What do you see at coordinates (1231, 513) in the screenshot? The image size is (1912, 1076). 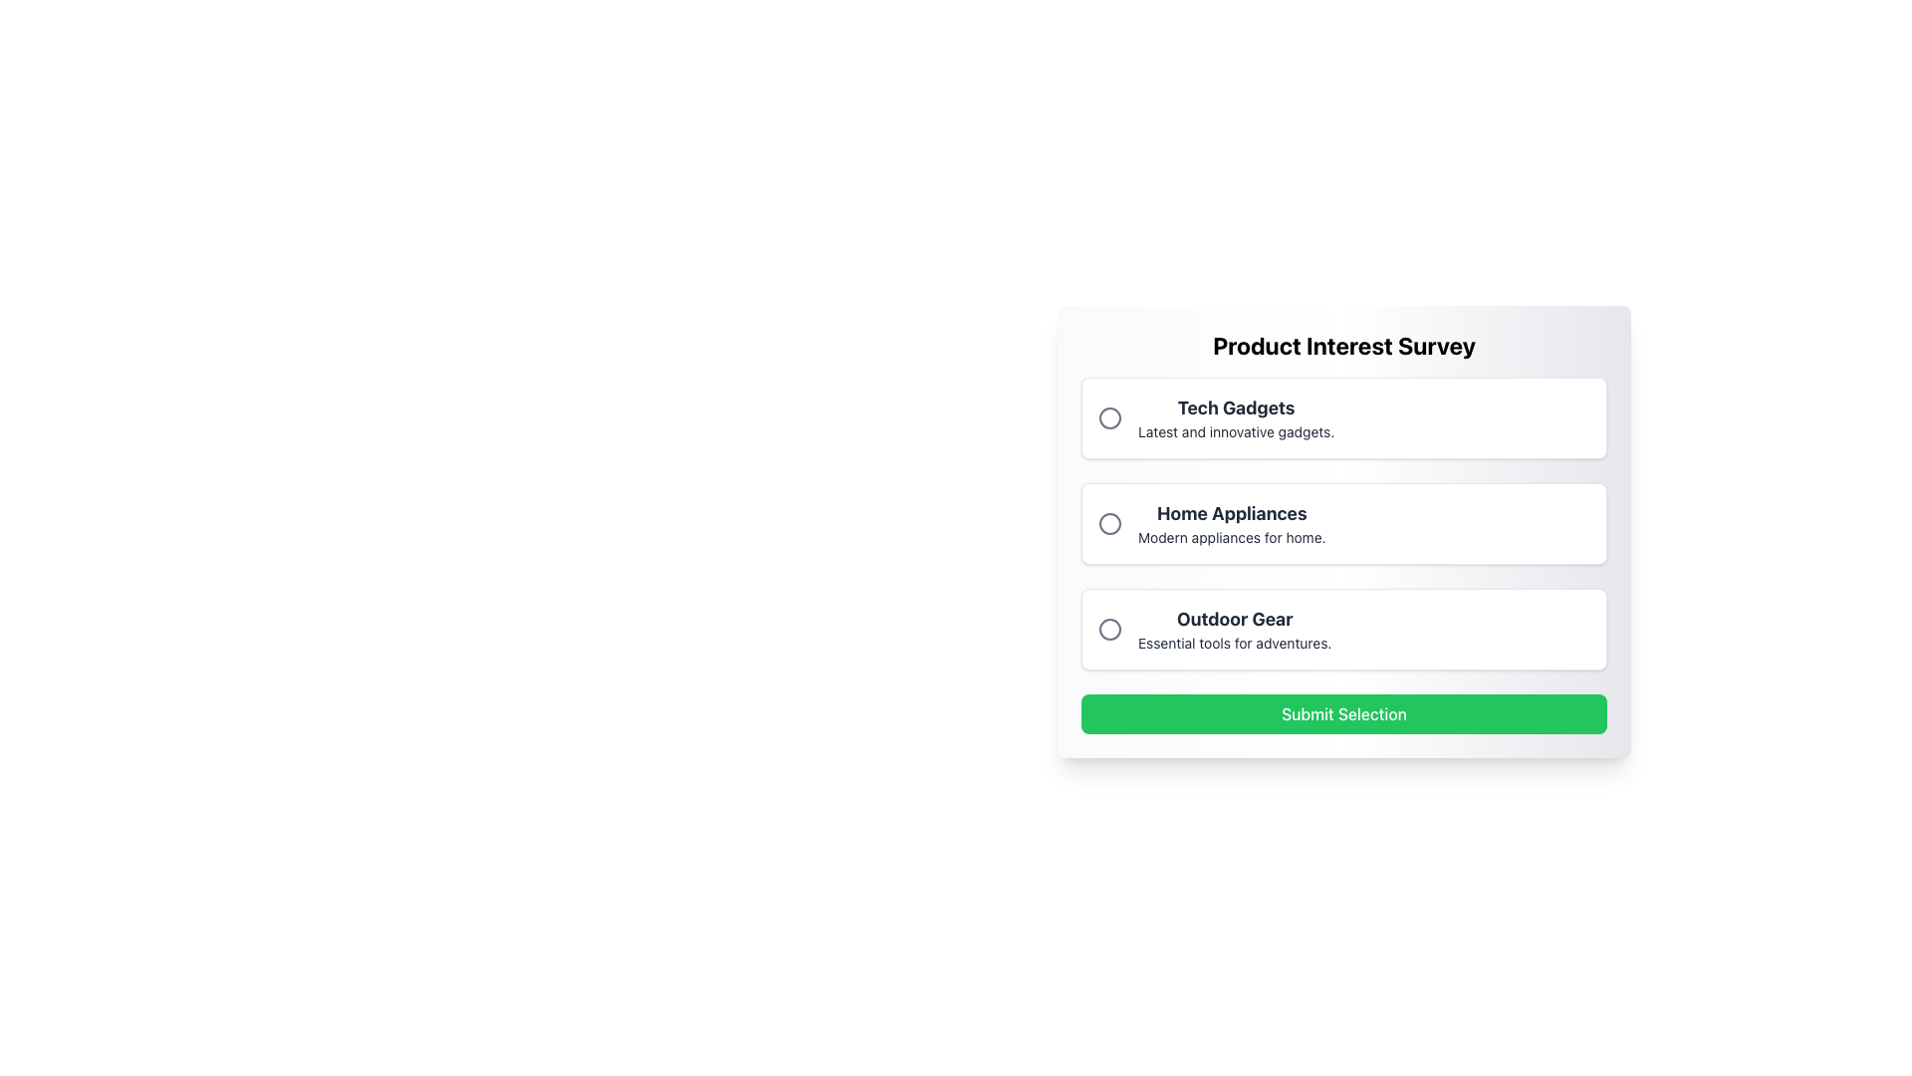 I see `the 'Home Appliances' text label which is styled in bold and larger font, located in the middle selectable option card of the 'Product Interest Survey'` at bounding box center [1231, 513].